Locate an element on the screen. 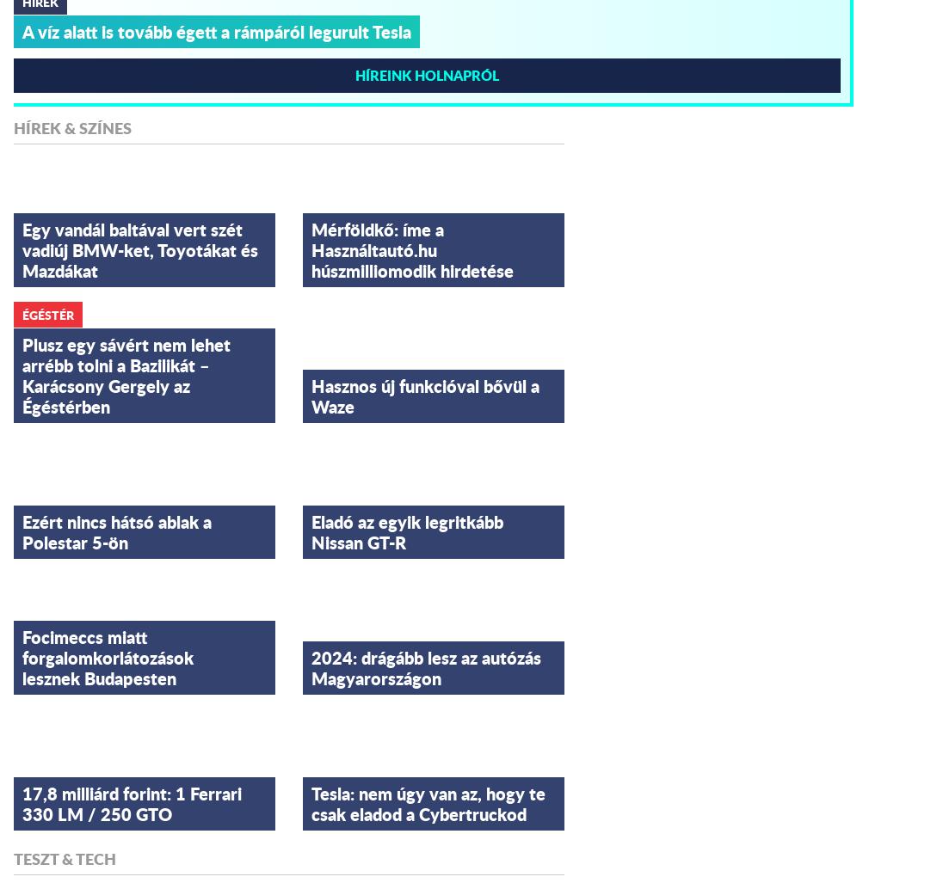 The width and height of the screenshot is (937, 883). 'Mérföldkő: íme a Használtautó.hu húszmilliomodik hirdetése' is located at coordinates (412, 248).